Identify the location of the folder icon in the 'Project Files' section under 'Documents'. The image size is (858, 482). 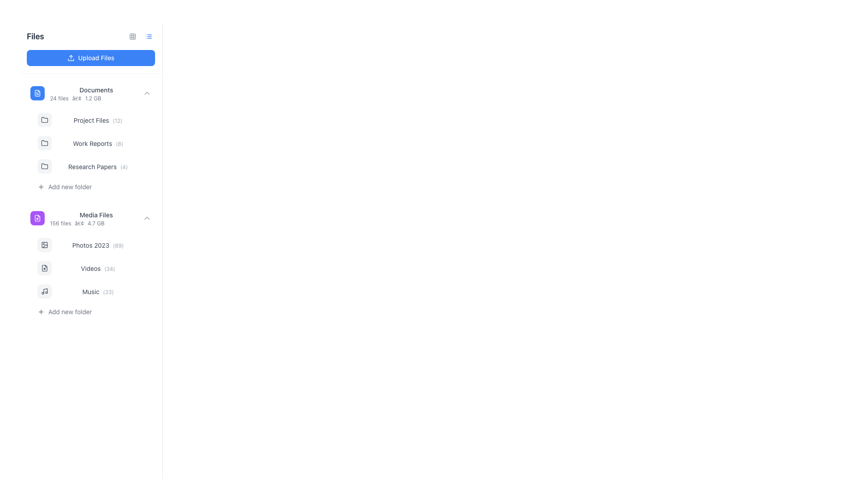
(44, 119).